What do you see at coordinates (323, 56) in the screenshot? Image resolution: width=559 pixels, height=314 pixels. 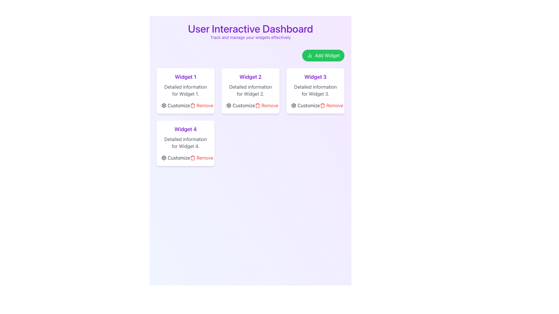 I see `the 'Add Widget' button, which is a rounded rectangular button with a green background and white text, located in the top-right corner of the interface` at bounding box center [323, 56].